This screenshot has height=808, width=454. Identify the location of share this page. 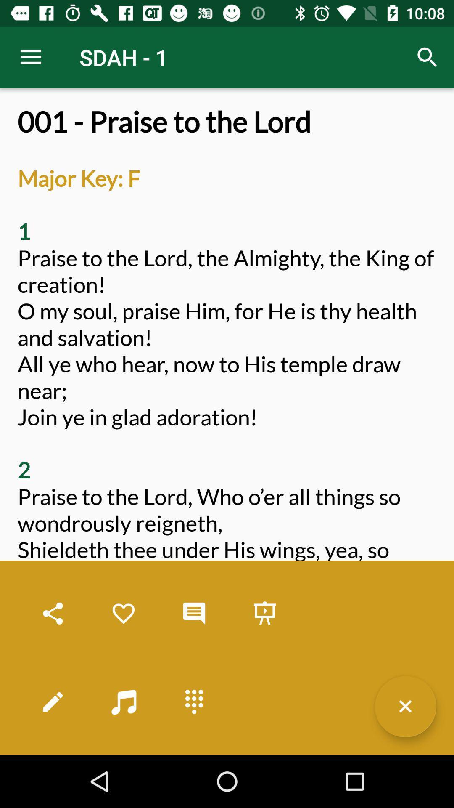
(53, 614).